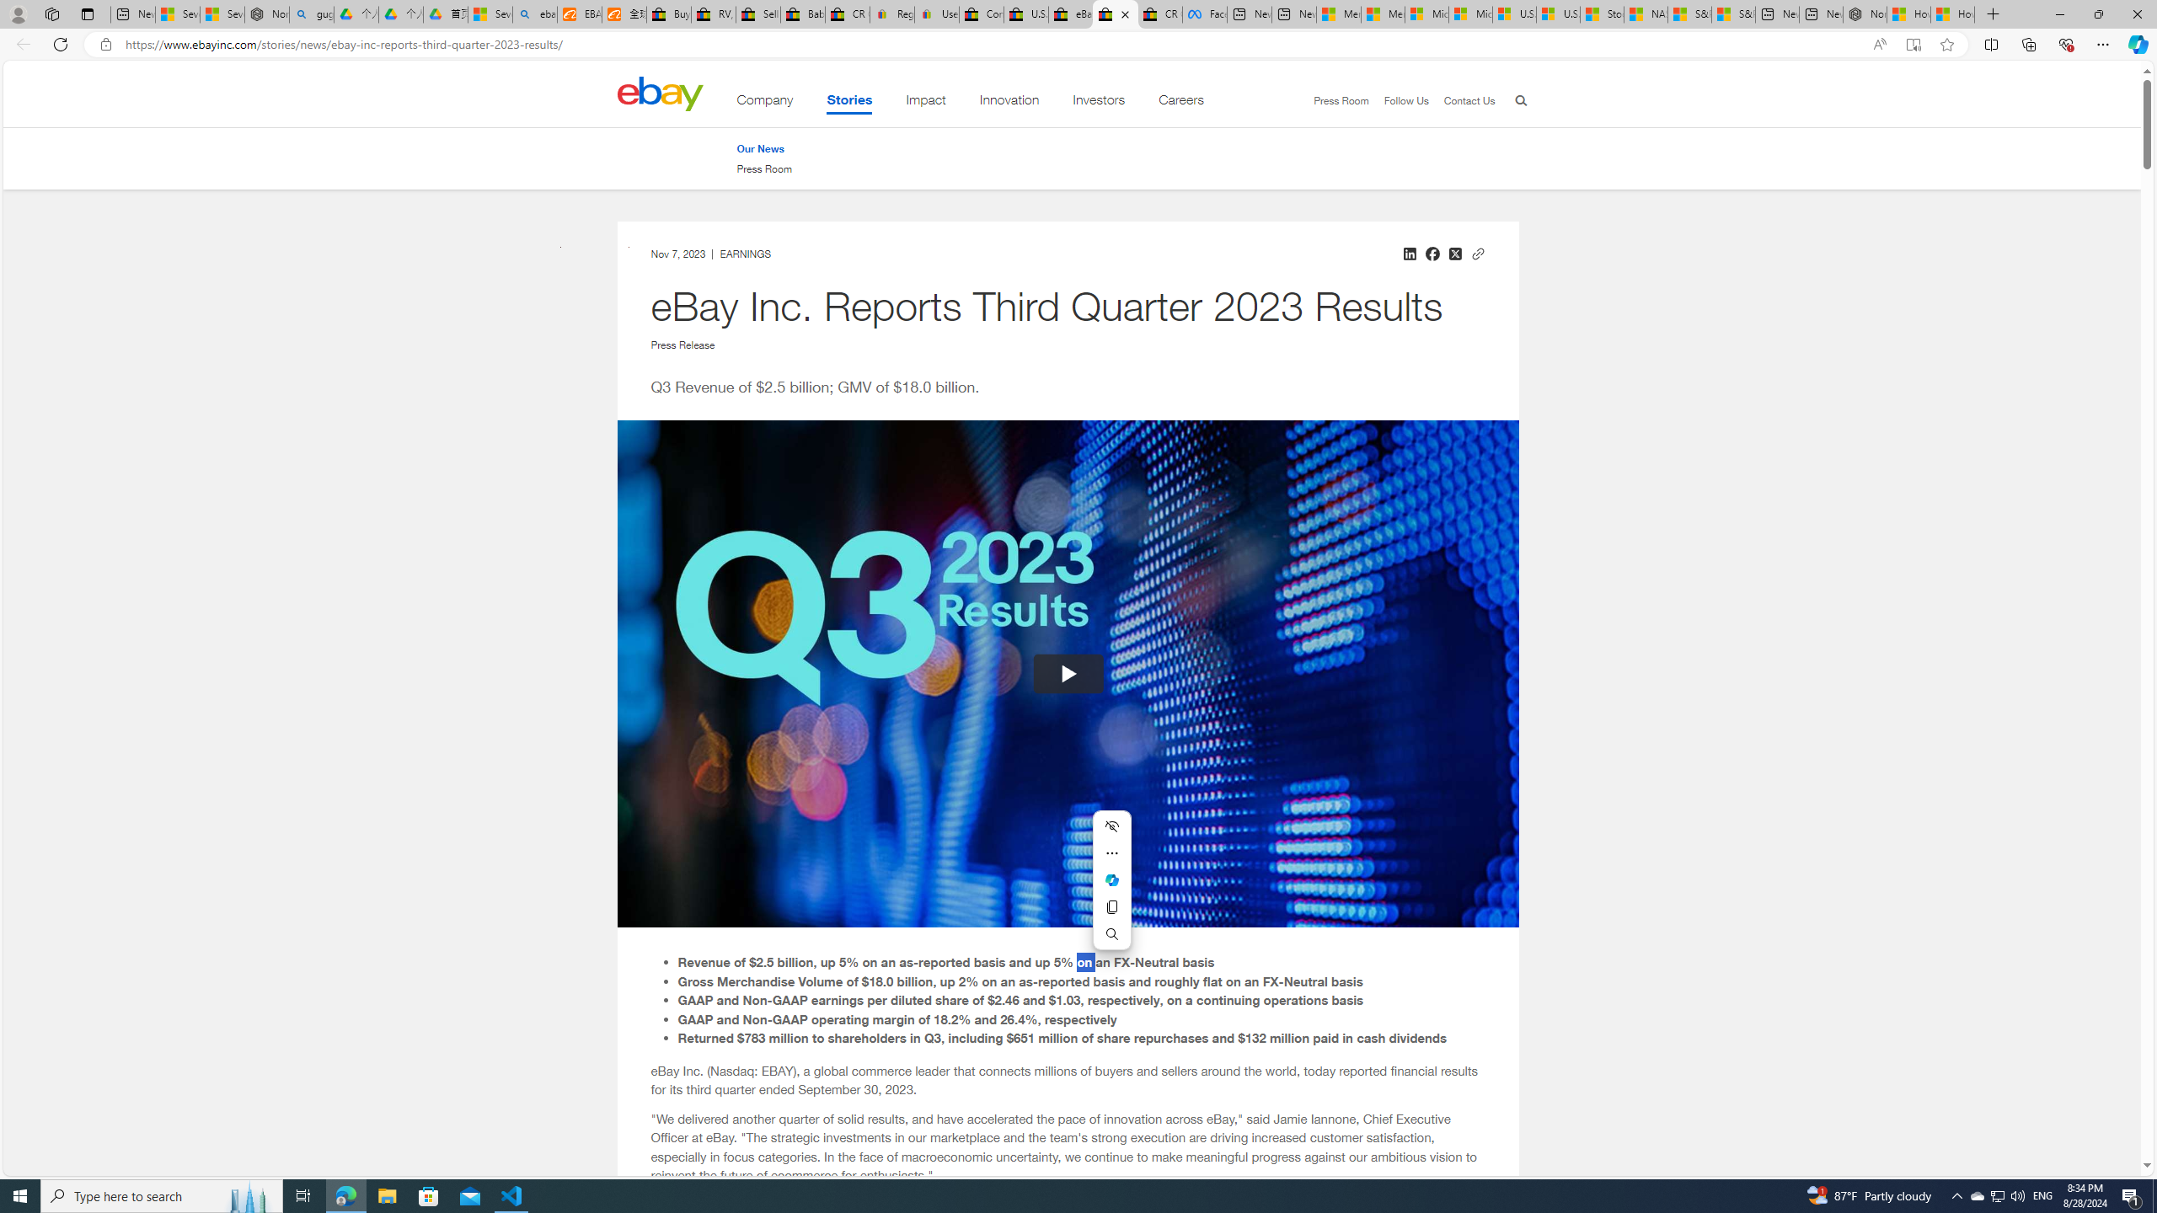 This screenshot has height=1213, width=2157. What do you see at coordinates (1111, 852) in the screenshot?
I see `'More actions'` at bounding box center [1111, 852].